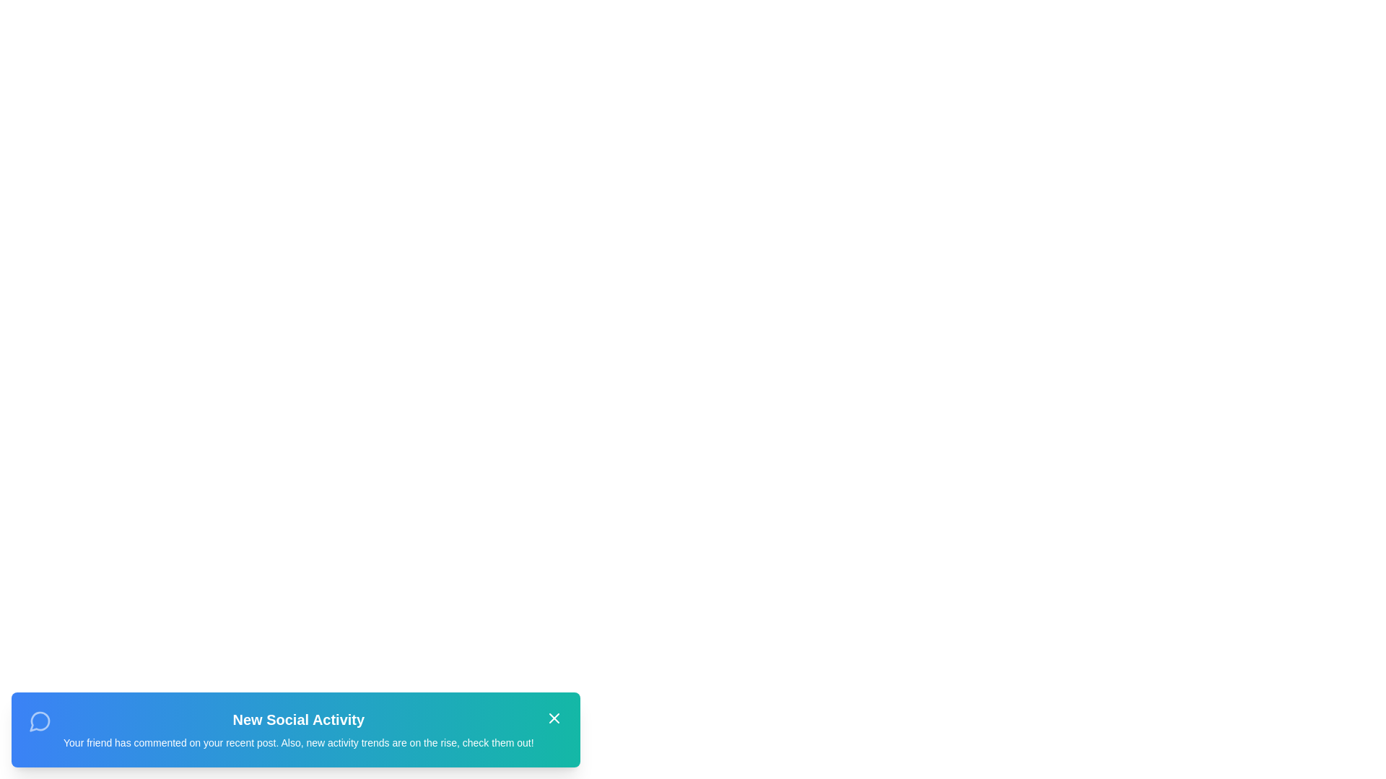 The width and height of the screenshot is (1386, 779). I want to click on close button to dismiss the notification, so click(553, 718).